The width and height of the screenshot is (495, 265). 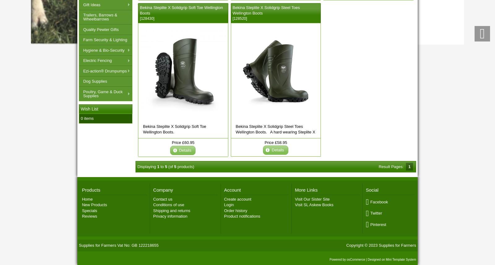 What do you see at coordinates (83, 60) in the screenshot?
I see `'Electric Fencing'` at bounding box center [83, 60].